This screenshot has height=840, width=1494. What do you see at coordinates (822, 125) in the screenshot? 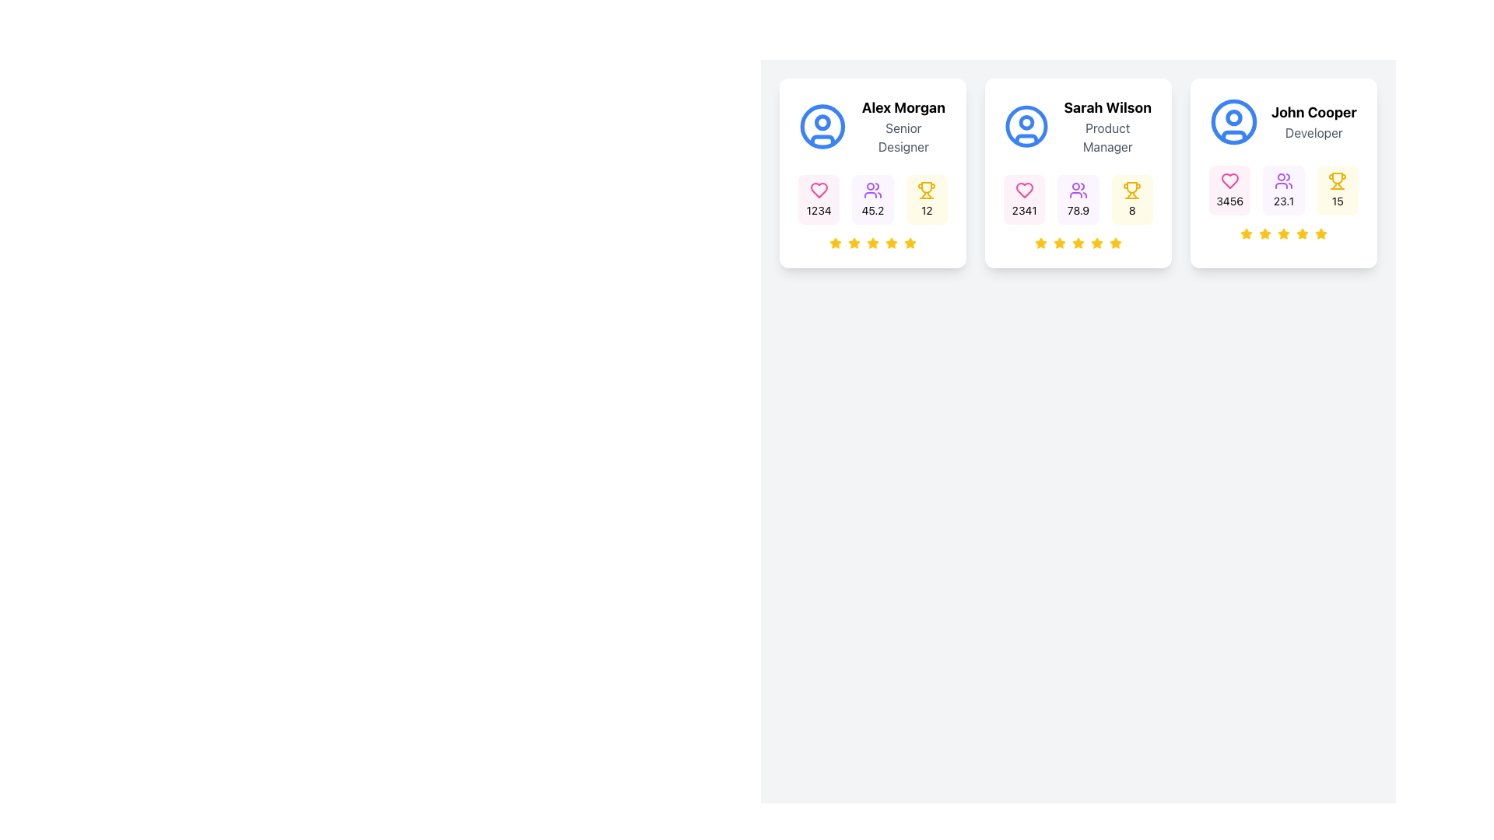
I see `the circular user silhouette icon to the left of 'Alex Morgan' and 'Senior Designer' text` at bounding box center [822, 125].